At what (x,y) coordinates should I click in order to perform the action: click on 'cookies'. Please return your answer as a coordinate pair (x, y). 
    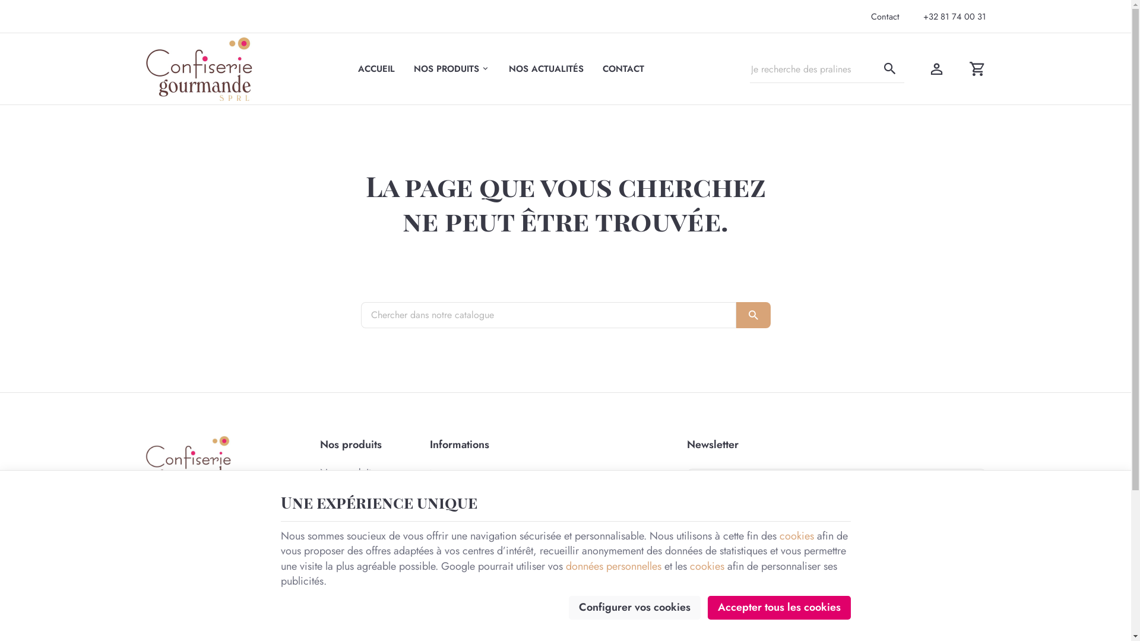
    Looking at the image, I should click on (707, 565).